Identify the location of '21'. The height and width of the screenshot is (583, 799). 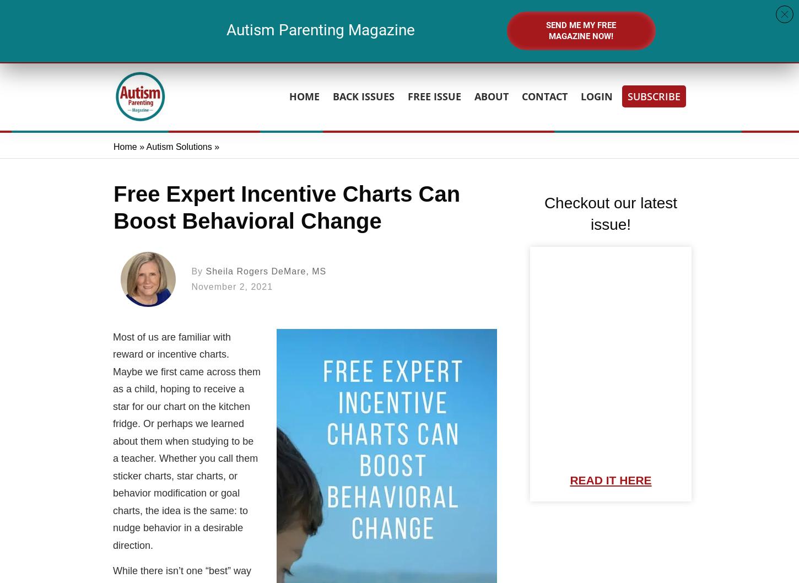
(402, 23).